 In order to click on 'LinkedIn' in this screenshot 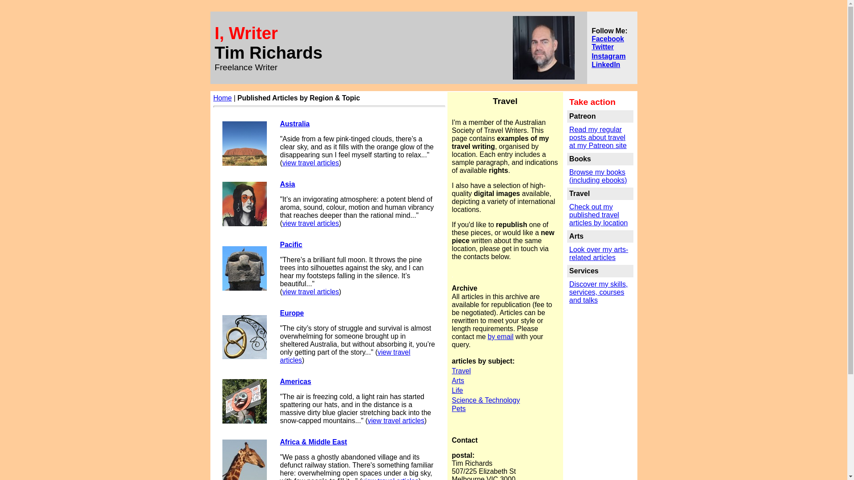, I will do `click(605, 64)`.